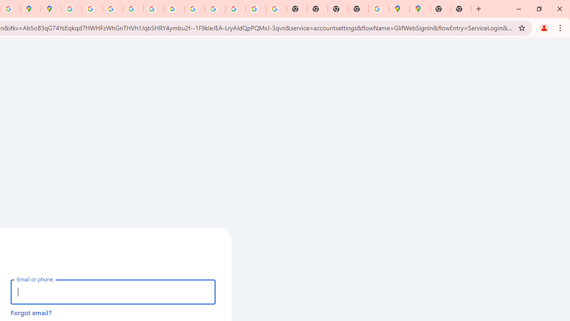 This screenshot has height=321, width=570. Describe the element at coordinates (461, 9) in the screenshot. I see `'New Tab'` at that location.